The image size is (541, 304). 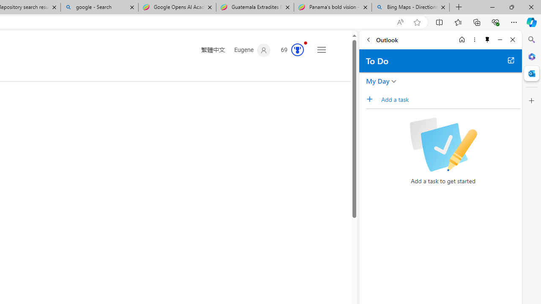 What do you see at coordinates (321, 50) in the screenshot?
I see `'Settings and quick links'` at bounding box center [321, 50].